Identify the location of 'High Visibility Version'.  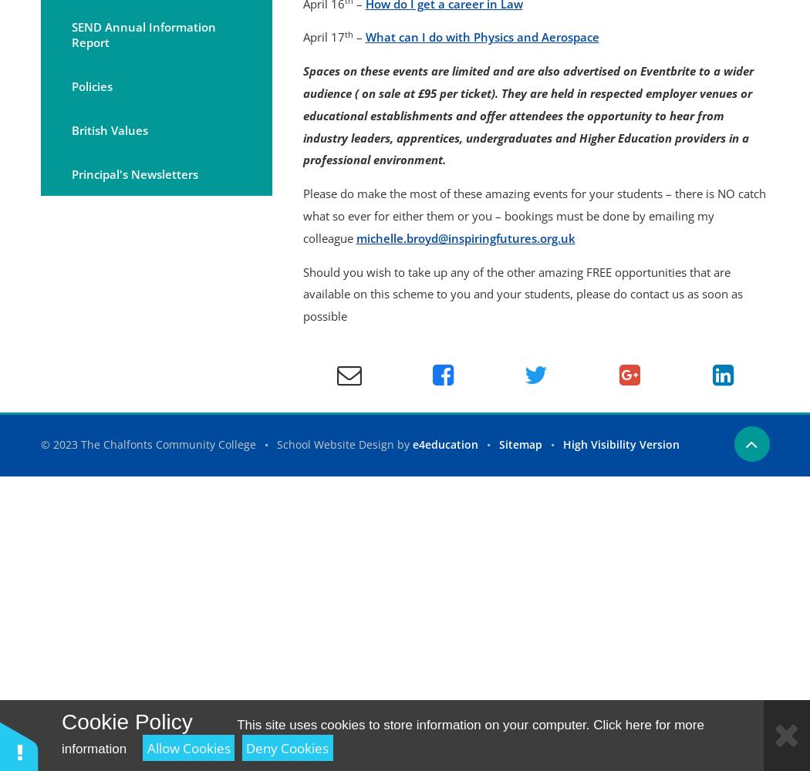
(619, 443).